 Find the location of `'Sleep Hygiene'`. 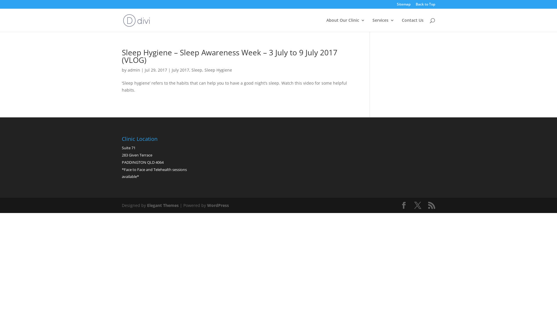

'Sleep Hygiene' is located at coordinates (218, 70).